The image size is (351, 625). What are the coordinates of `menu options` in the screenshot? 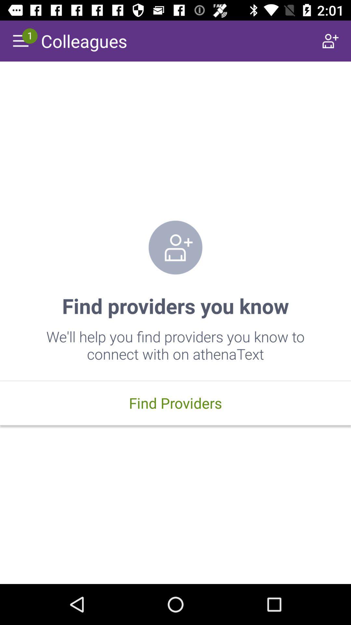 It's located at (20, 40).